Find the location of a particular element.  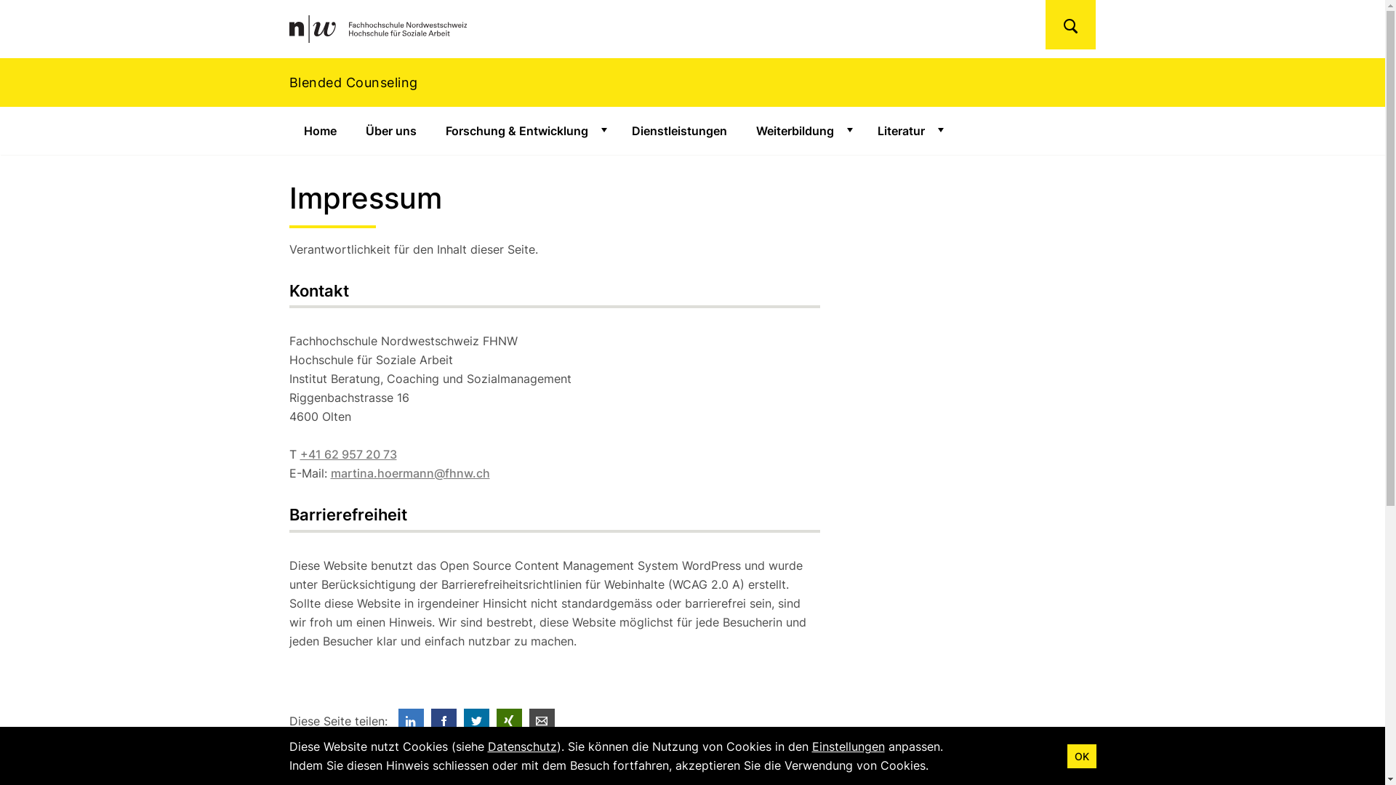

'Via E-Mail teilen' is located at coordinates (541, 721).